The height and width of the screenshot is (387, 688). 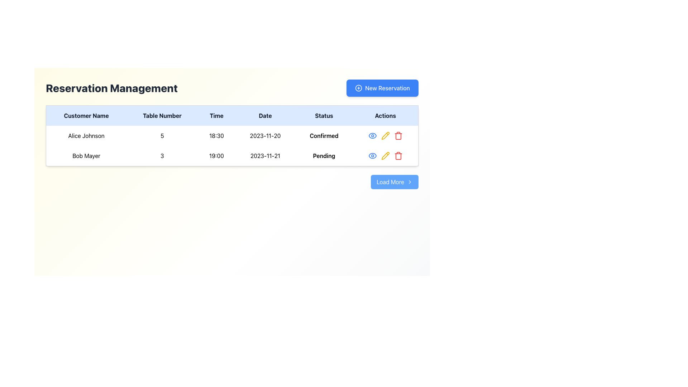 I want to click on the rectangular button with rounded corners and a blue background labeled 'Load More' to initiate the loading of additional data, so click(x=394, y=182).